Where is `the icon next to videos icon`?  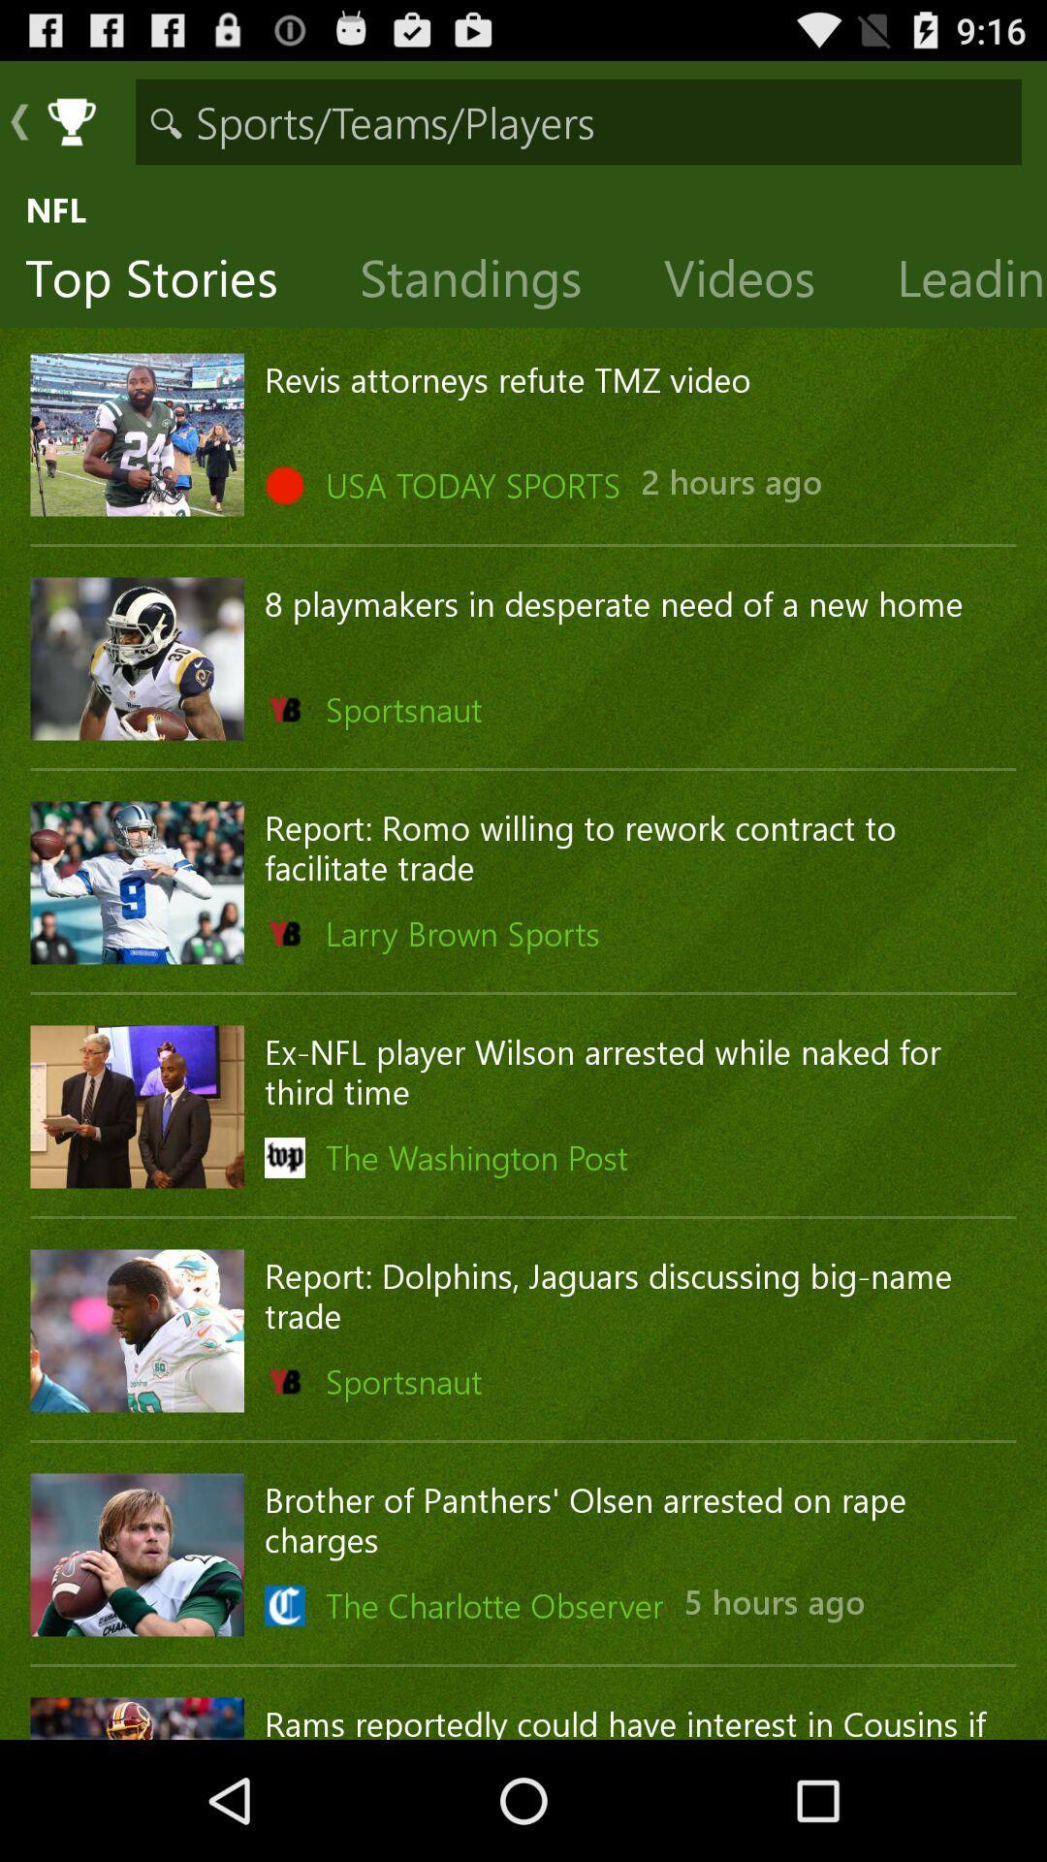
the icon next to videos icon is located at coordinates (958, 281).